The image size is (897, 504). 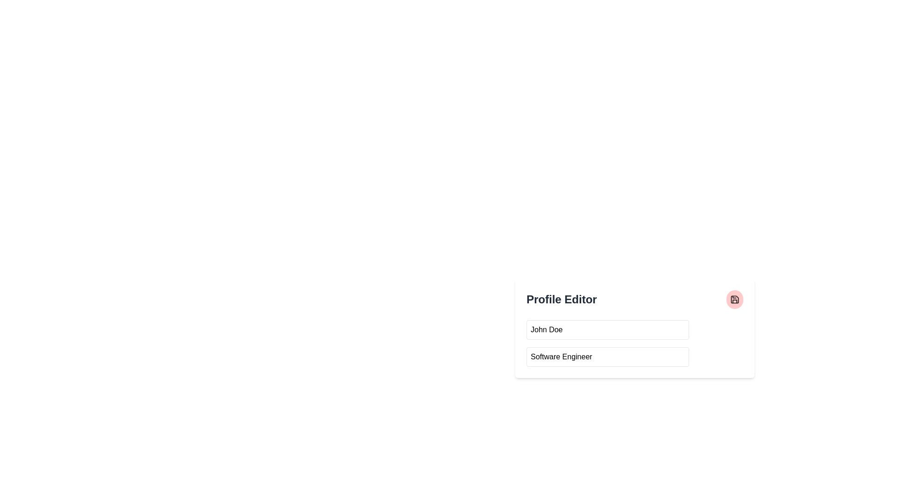 I want to click on the save changes button in the 'Profile Editor' section to observe its hover effects, so click(x=734, y=299).